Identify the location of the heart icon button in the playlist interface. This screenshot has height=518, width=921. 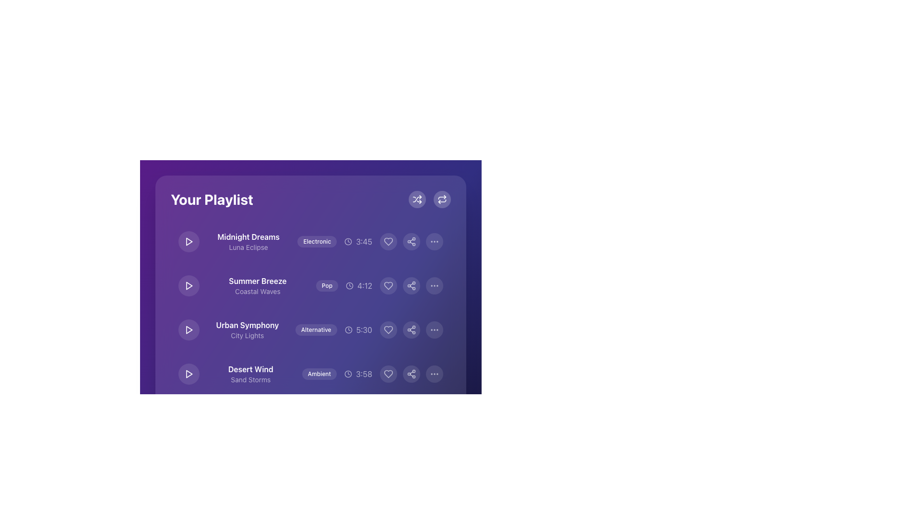
(389, 241).